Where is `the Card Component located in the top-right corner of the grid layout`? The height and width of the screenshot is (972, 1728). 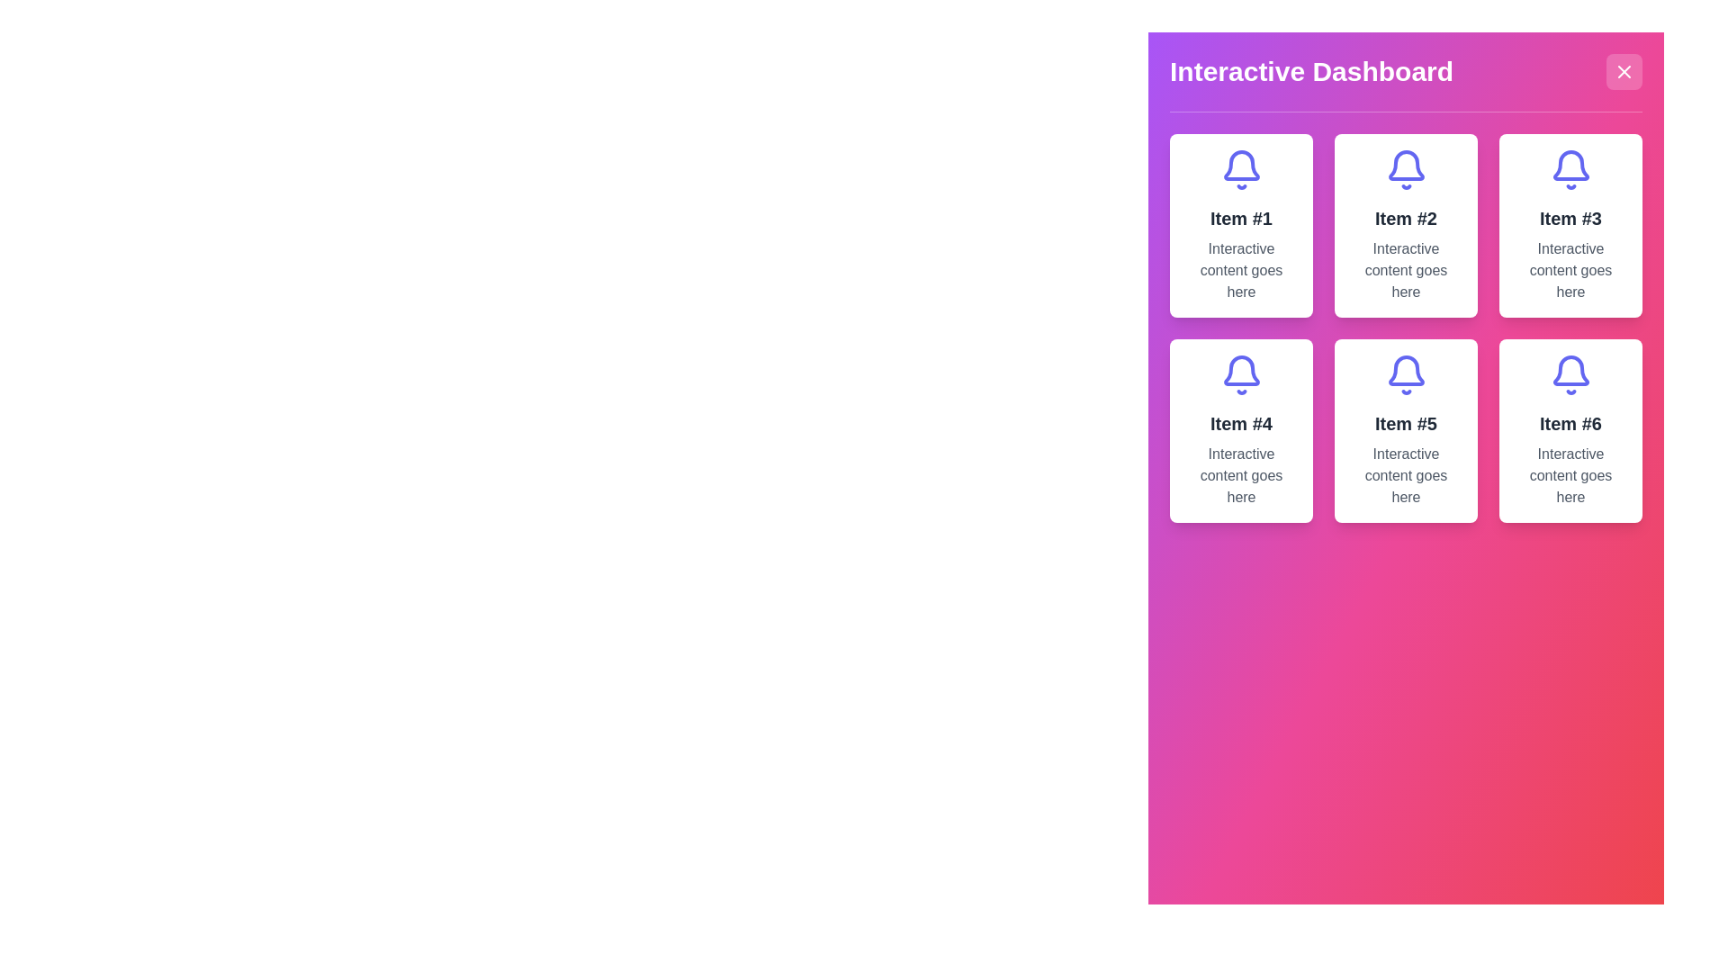
the Card Component located in the top-right corner of the grid layout is located at coordinates (1570, 224).